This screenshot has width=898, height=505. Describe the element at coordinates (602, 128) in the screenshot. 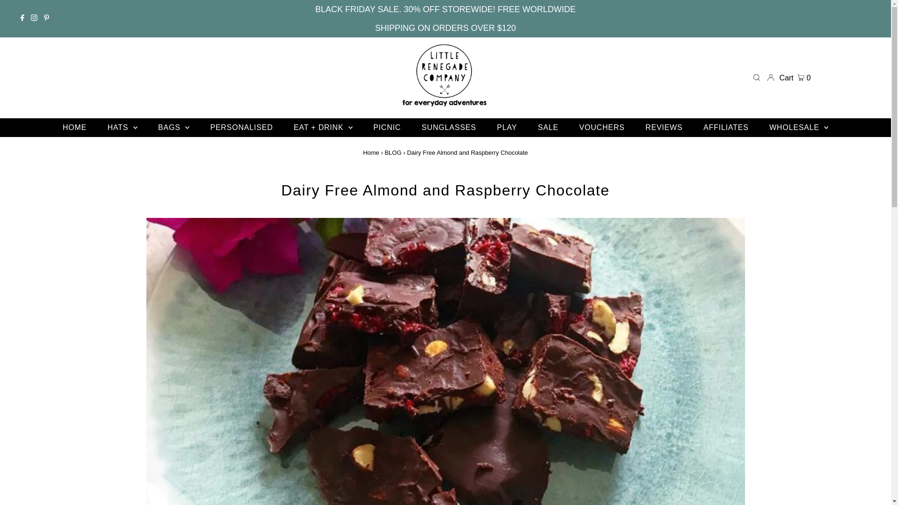

I see `'VOUCHERS'` at that location.